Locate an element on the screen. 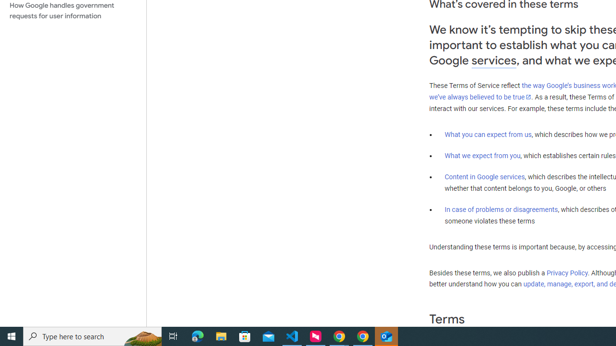  'services' is located at coordinates (494, 60).